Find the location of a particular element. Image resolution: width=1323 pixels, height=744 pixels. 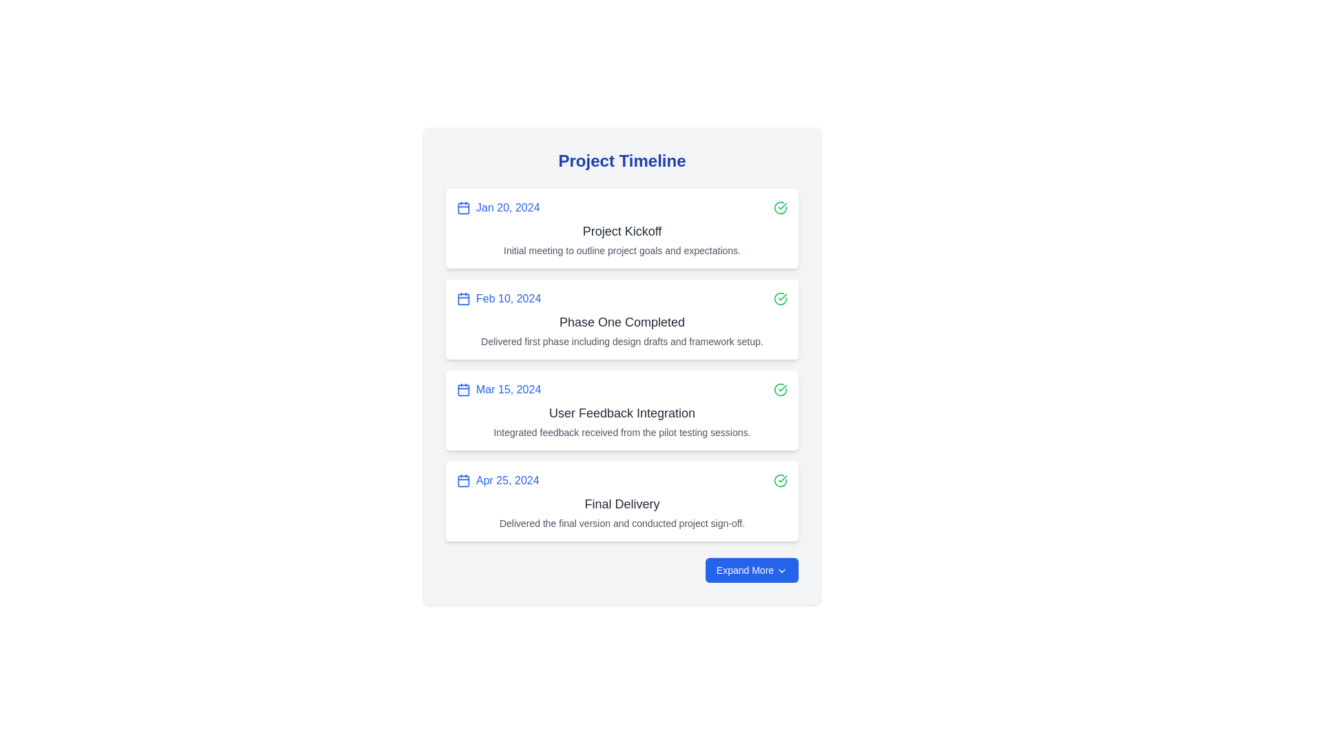

the downward-pointing chevron icon inside the blue 'Expand More' button located in the lower-right corner of the interface is located at coordinates (781, 571).